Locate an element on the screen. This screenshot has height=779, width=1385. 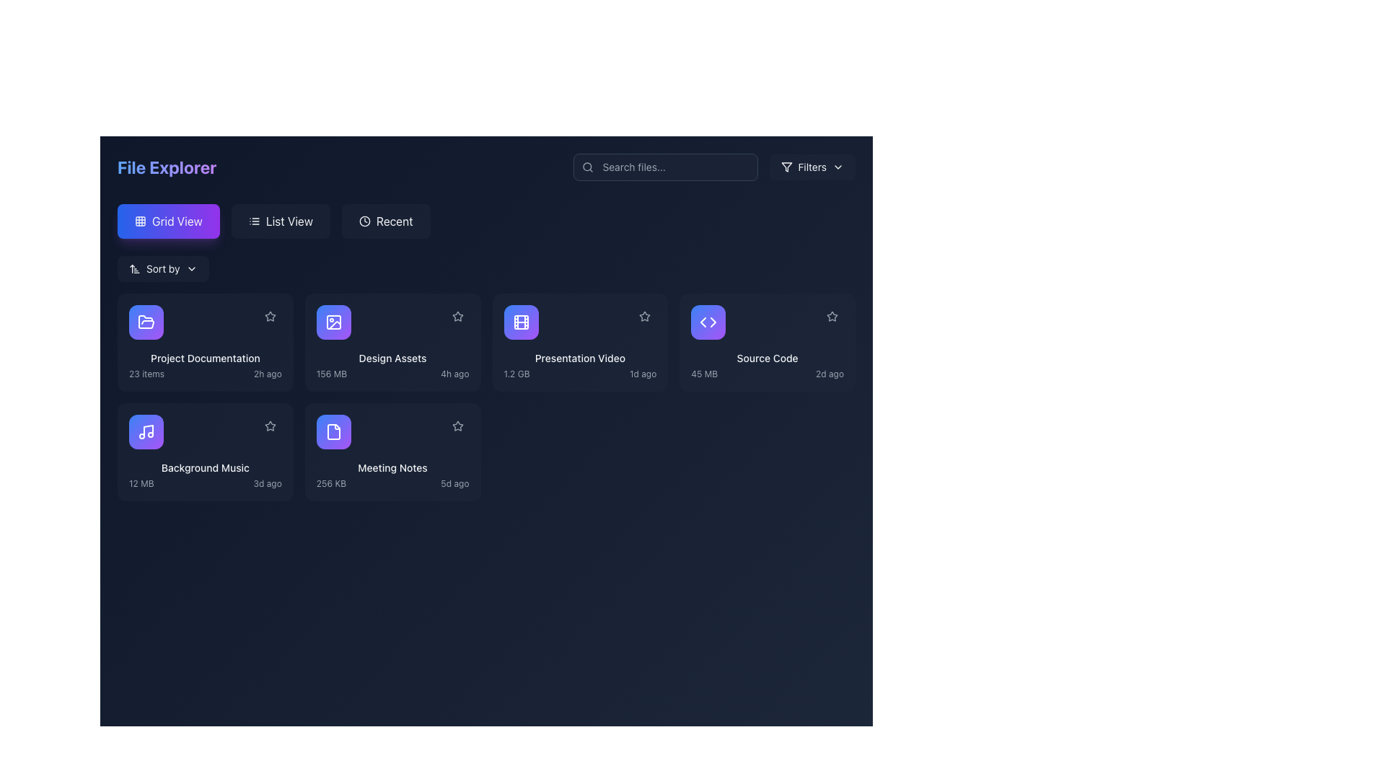
the Dropdown menu trigger located on the upper-right side of the File Explorer toolbar, adjacent to the search input field is located at coordinates (713, 166).